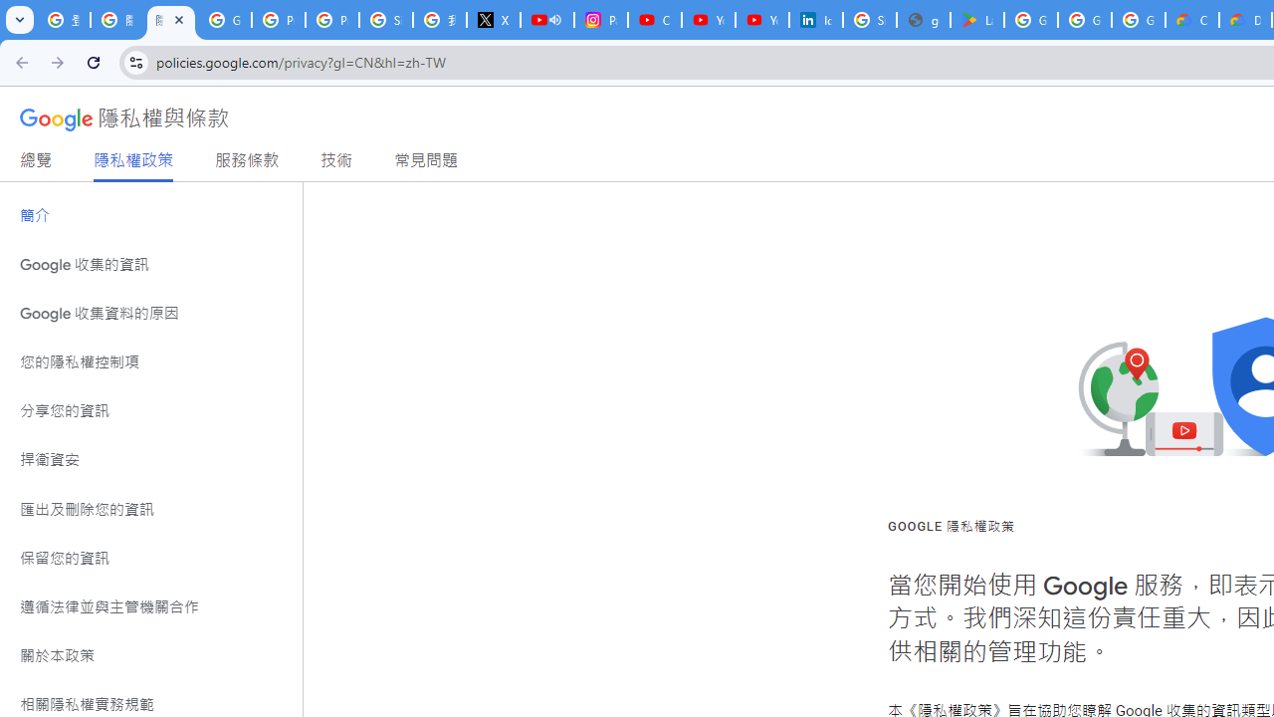 This screenshot has height=717, width=1274. Describe the element at coordinates (976, 20) in the screenshot. I see `'Last Shelter: Survival - Apps on Google Play'` at that location.